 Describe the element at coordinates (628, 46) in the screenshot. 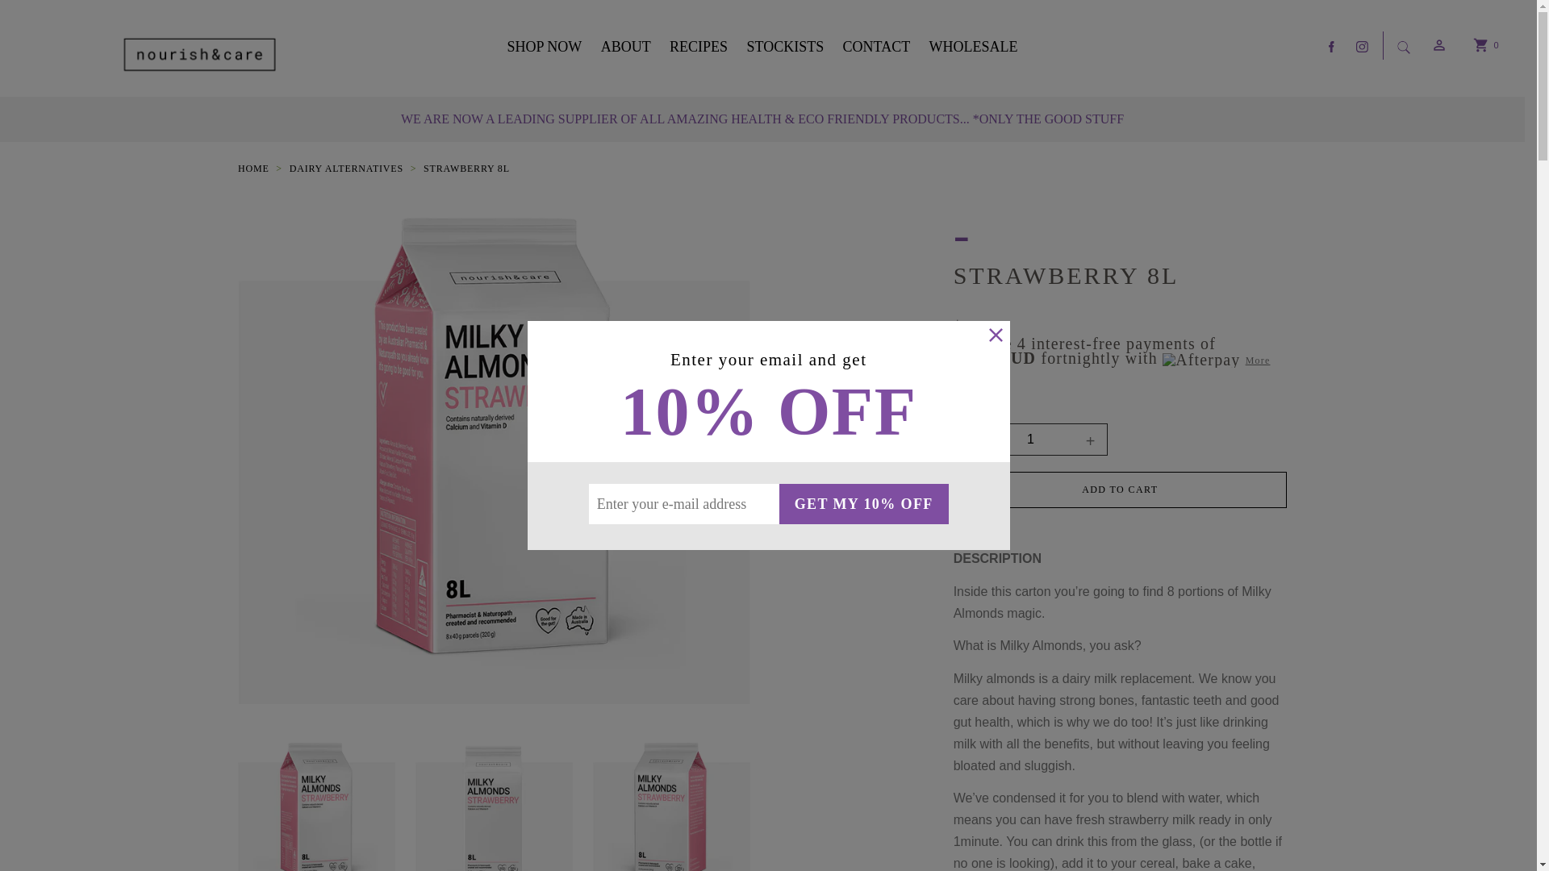

I see `'ABOUT'` at that location.